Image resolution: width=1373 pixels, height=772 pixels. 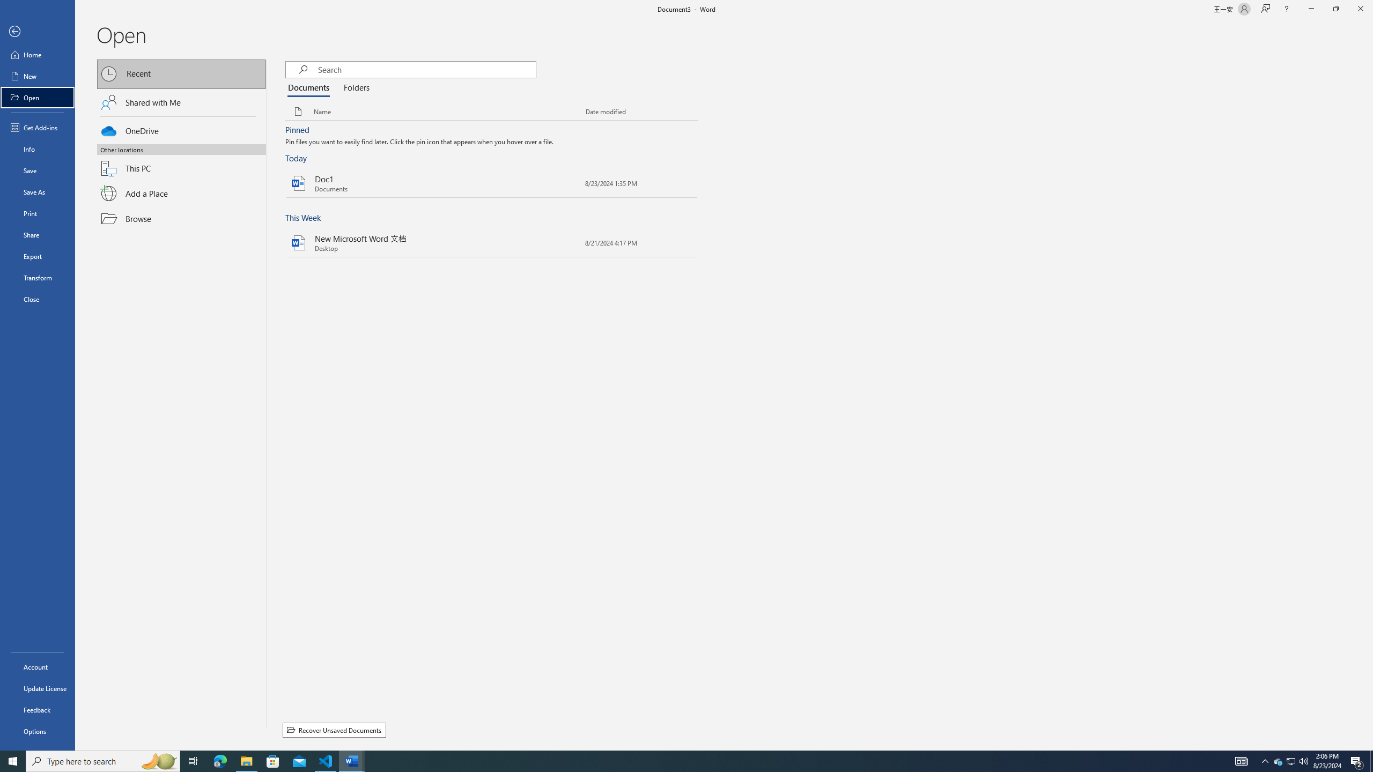 I want to click on 'Save As', so click(x=37, y=191).